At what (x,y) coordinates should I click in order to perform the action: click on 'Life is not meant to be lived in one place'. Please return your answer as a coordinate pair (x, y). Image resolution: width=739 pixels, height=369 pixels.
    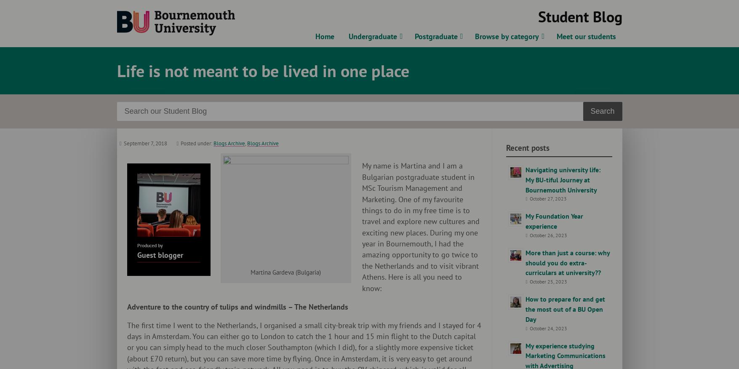
    Looking at the image, I should click on (263, 71).